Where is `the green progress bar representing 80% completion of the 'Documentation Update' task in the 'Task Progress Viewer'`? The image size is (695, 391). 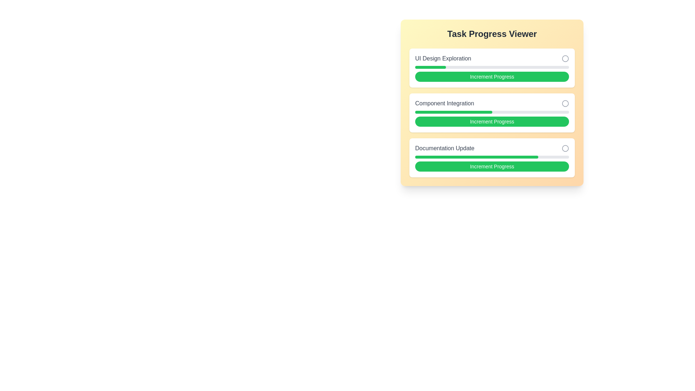
the green progress bar representing 80% completion of the 'Documentation Update' task in the 'Task Progress Viewer' is located at coordinates (476, 157).